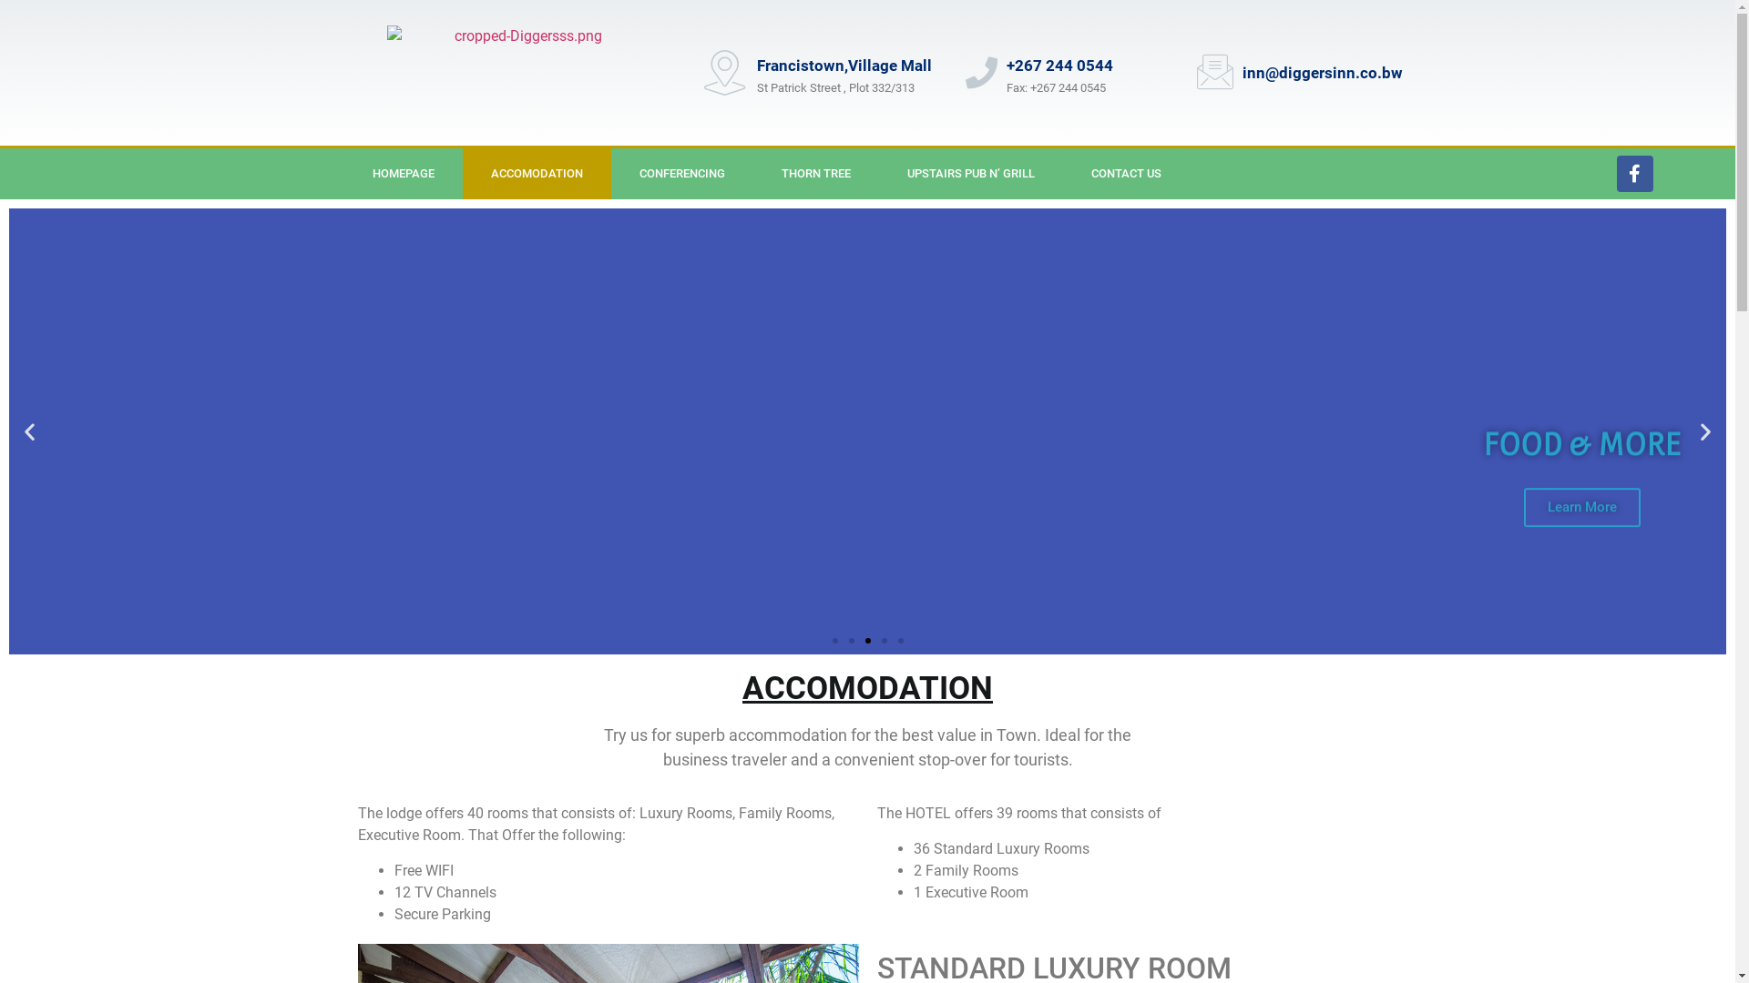 The width and height of the screenshot is (1749, 983). I want to click on 'ACCOMODATION', so click(463, 174).